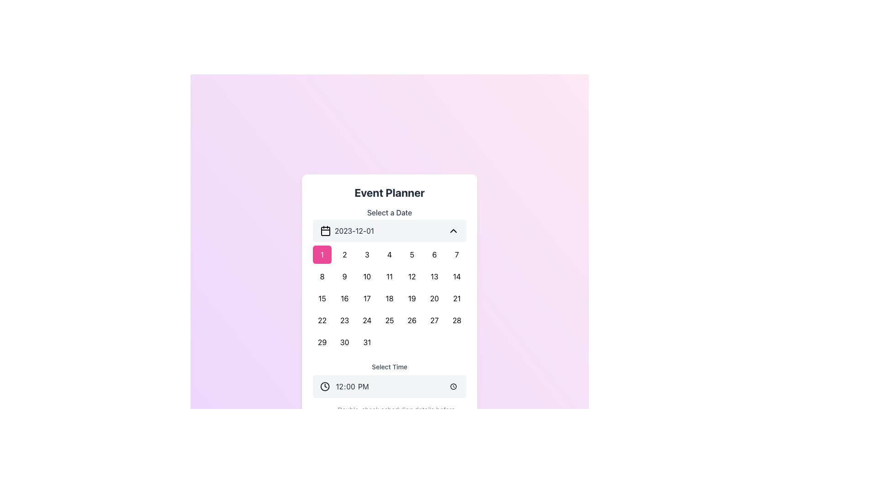 The height and width of the screenshot is (493, 877). Describe the element at coordinates (325, 387) in the screenshot. I see `the SVG circle element representing the clock face, which is part of the icon indicating the time-selection feature, located in the 'Select Time' section of the form` at that location.